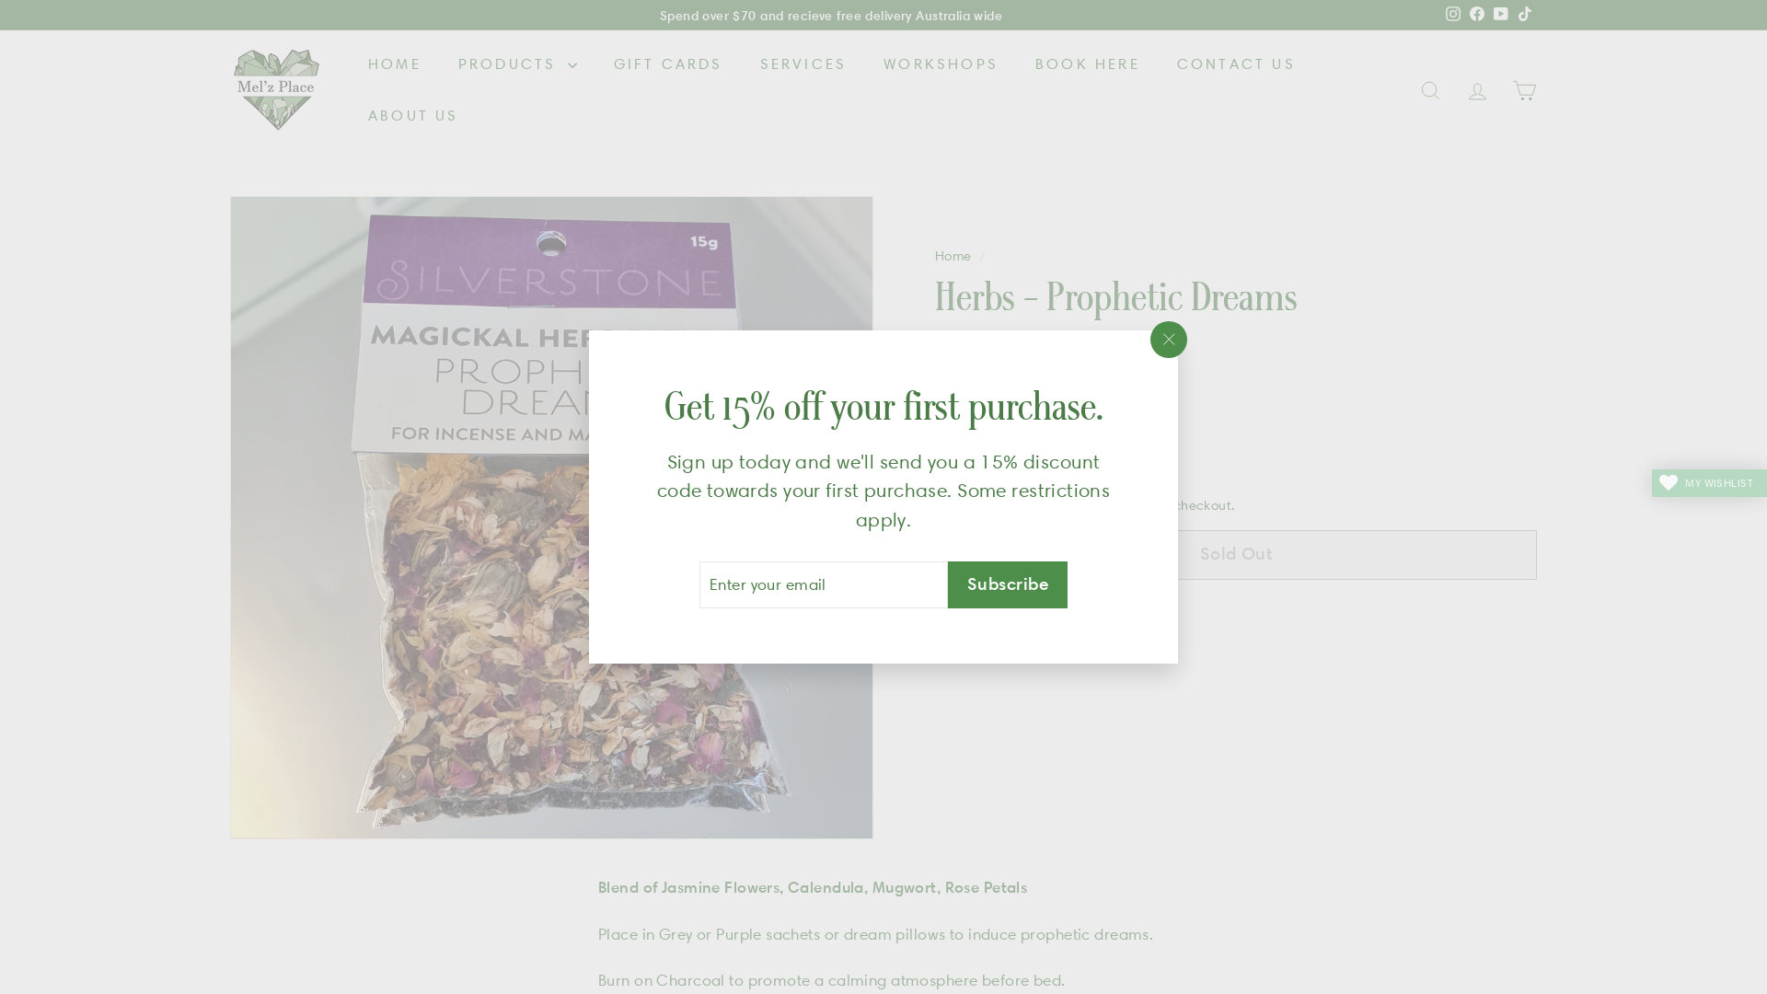 This screenshot has width=1767, height=994. I want to click on 'CART', so click(1524, 89).